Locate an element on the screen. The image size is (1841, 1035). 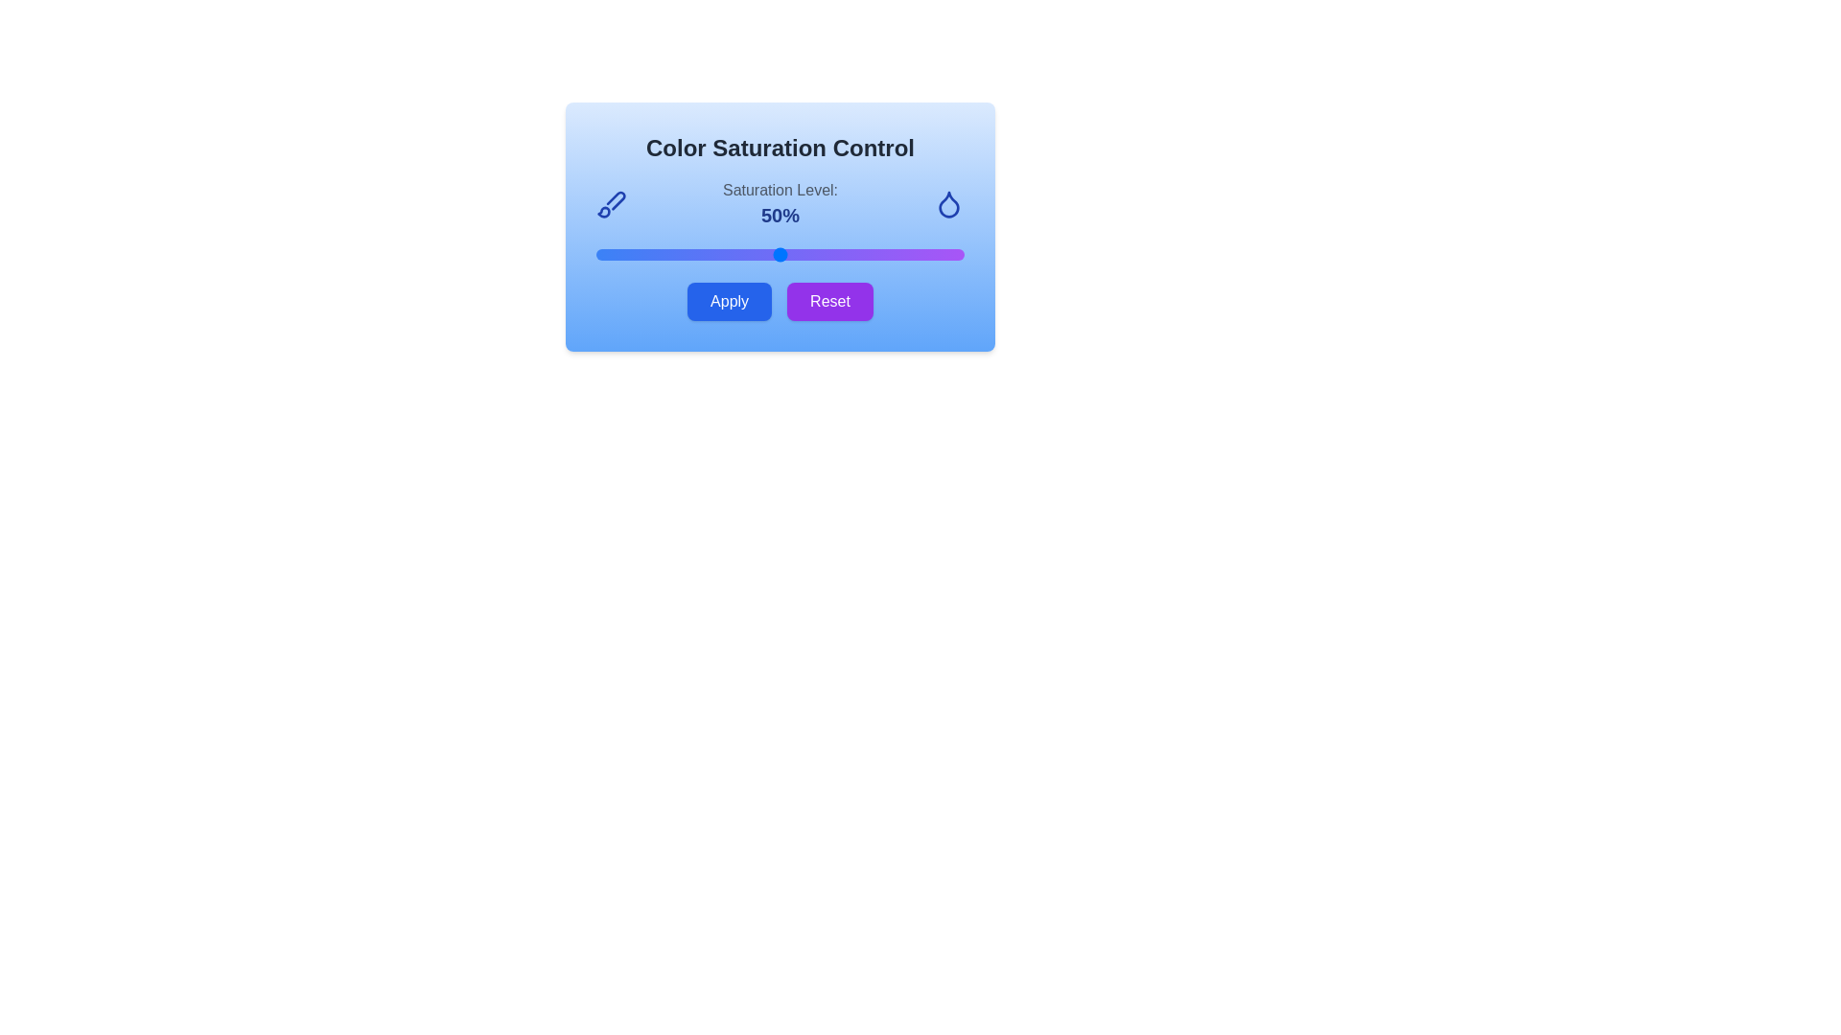
the 'Apply' button to apply the changes is located at coordinates (729, 302).